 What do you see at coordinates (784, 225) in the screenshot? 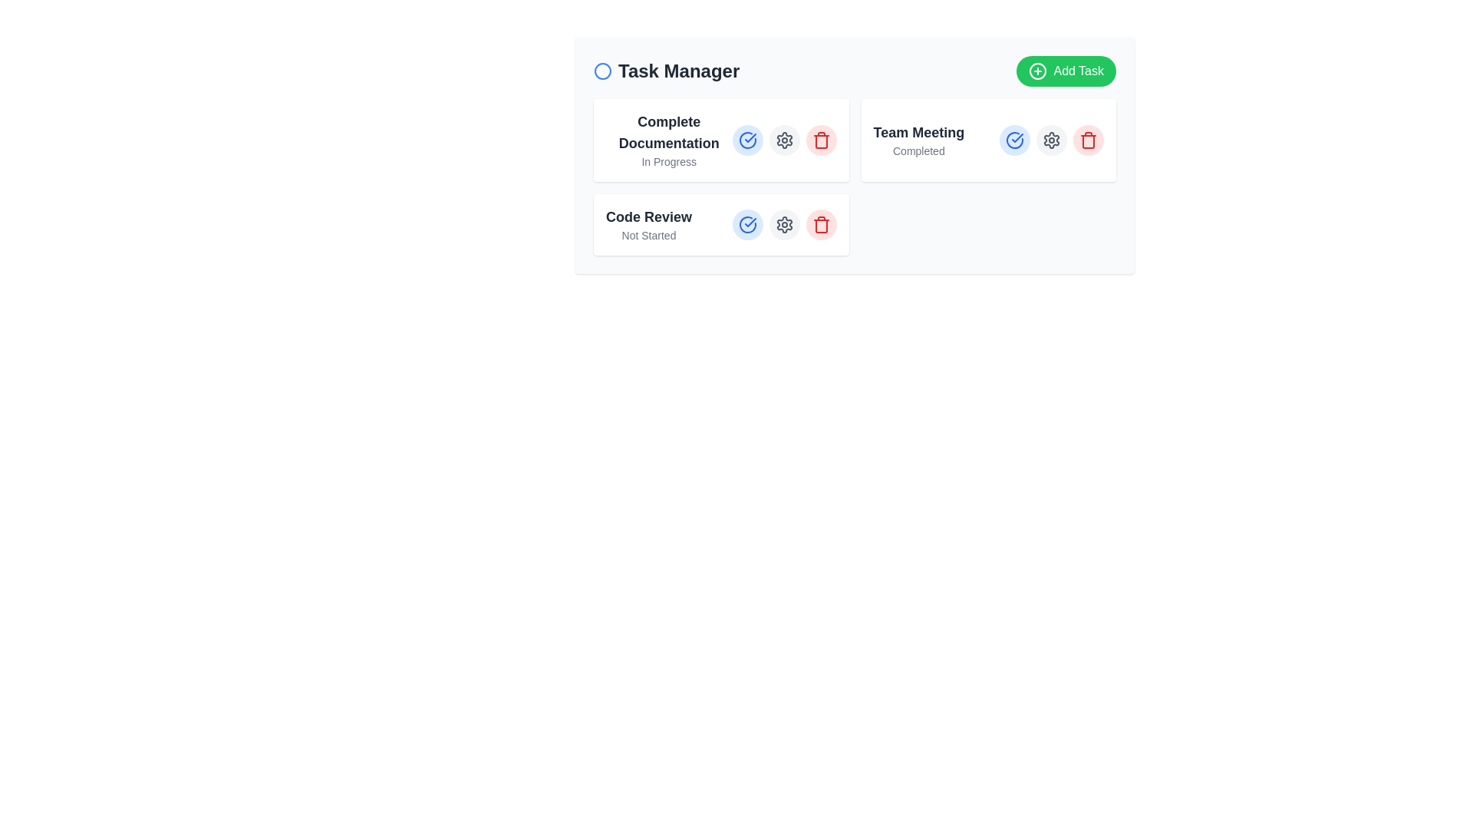
I see `the gear icon representing settings, located under the task section titled 'Complete Documentation'` at bounding box center [784, 225].